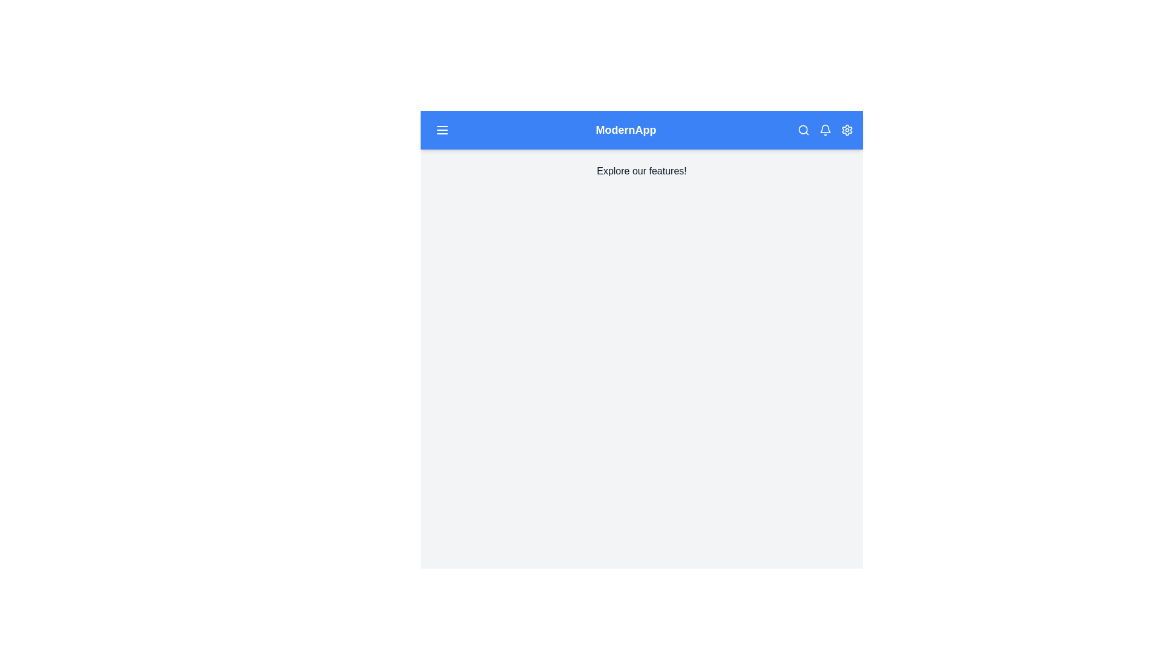 The height and width of the screenshot is (654, 1162). What do you see at coordinates (804, 130) in the screenshot?
I see `the search icon to activate the search functionality` at bounding box center [804, 130].